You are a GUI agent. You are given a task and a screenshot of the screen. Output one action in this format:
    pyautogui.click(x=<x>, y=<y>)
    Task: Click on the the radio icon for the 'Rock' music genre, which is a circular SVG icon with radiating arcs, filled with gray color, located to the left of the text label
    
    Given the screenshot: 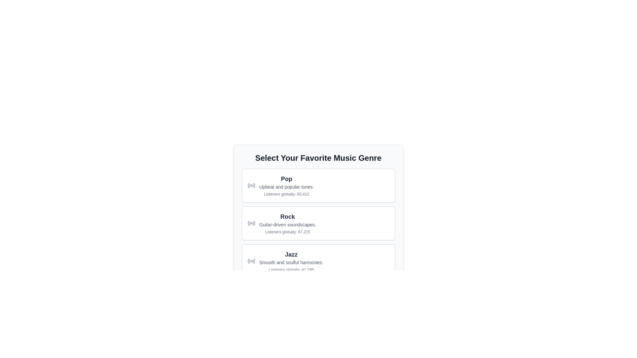 What is the action you would take?
    pyautogui.click(x=251, y=223)
    